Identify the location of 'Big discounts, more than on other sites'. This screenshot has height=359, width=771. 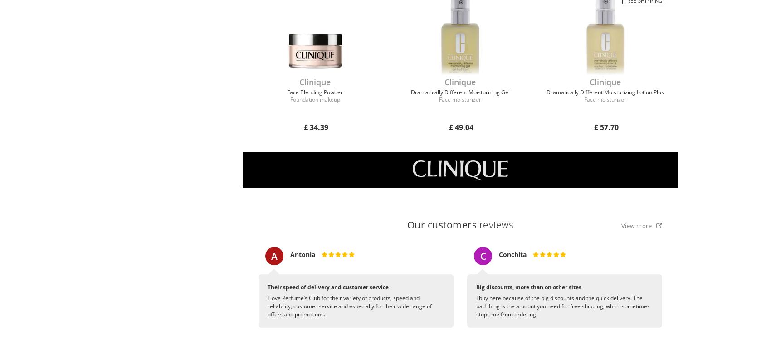
(475, 286).